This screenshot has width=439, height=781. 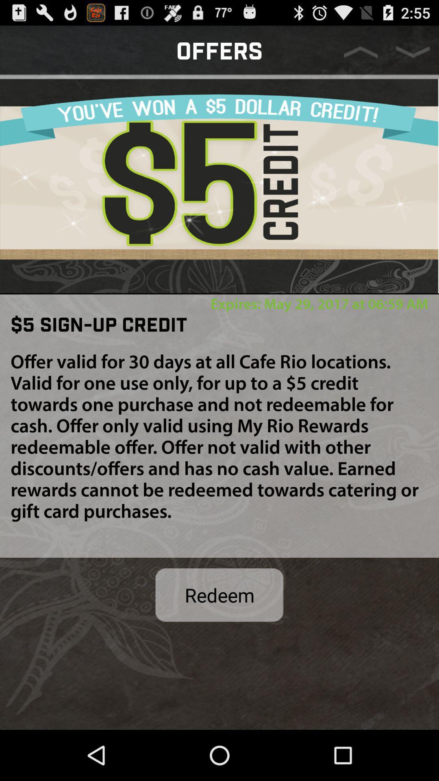 I want to click on go down, so click(x=413, y=52).